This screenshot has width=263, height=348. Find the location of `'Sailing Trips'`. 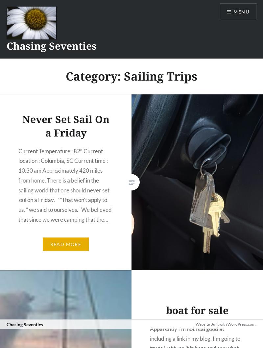

'Sailing Trips' is located at coordinates (160, 76).